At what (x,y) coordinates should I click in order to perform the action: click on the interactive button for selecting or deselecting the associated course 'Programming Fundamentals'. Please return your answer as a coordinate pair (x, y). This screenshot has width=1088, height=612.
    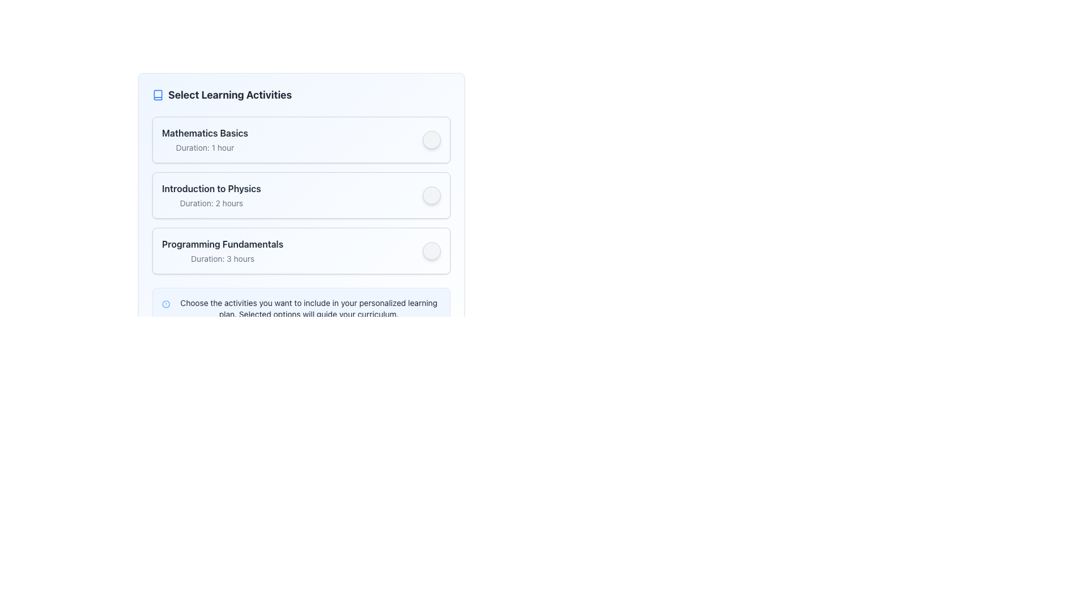
    Looking at the image, I should click on (431, 250).